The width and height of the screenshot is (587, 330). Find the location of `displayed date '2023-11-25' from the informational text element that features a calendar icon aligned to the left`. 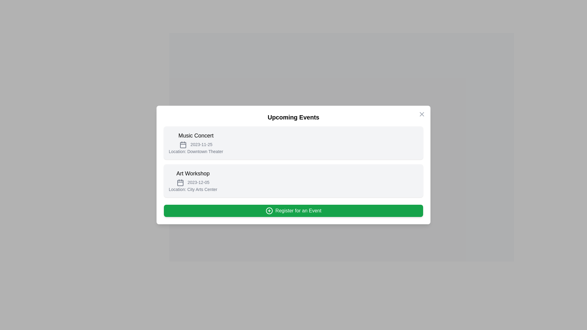

displayed date '2023-11-25' from the informational text element that features a calendar icon aligned to the left is located at coordinates (196, 145).